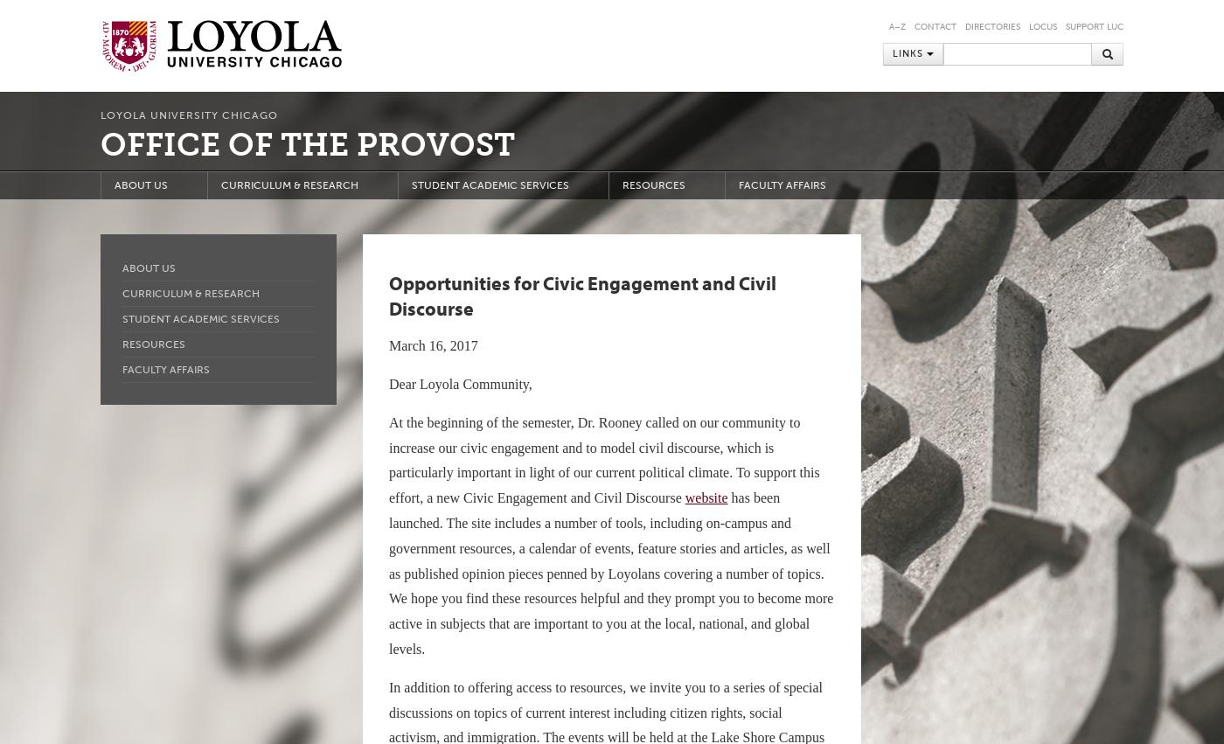 This screenshot has height=744, width=1224. Describe the element at coordinates (165, 369) in the screenshot. I see `'Faculty Affairs'` at that location.